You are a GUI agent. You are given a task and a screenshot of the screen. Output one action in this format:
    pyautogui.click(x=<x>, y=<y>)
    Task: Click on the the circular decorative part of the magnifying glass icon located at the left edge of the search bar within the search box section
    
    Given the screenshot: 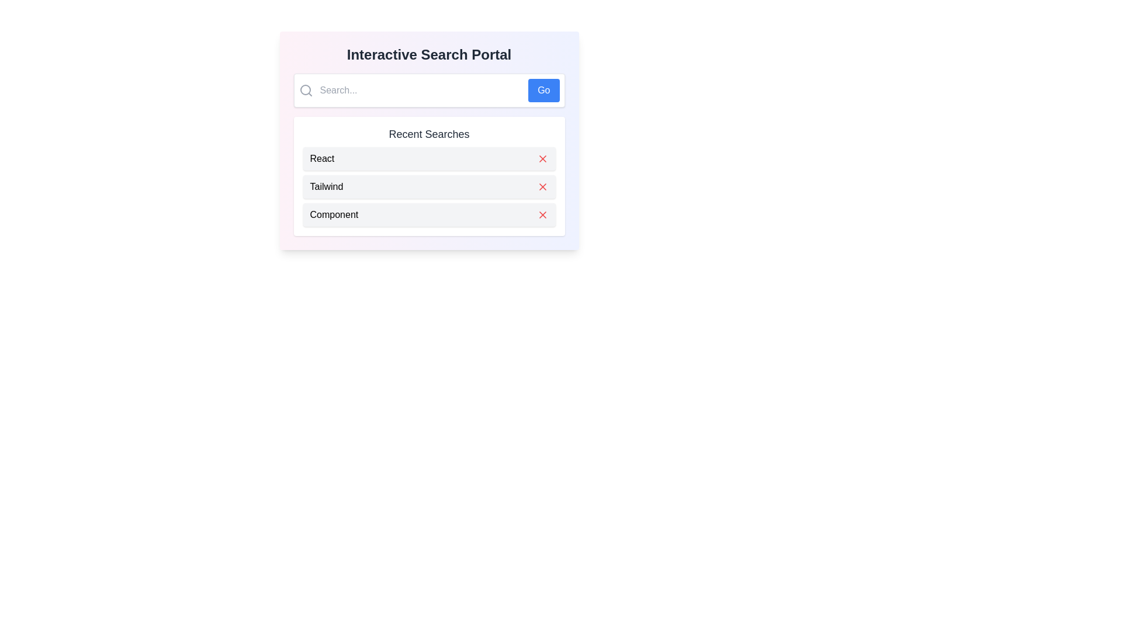 What is the action you would take?
    pyautogui.click(x=305, y=89)
    